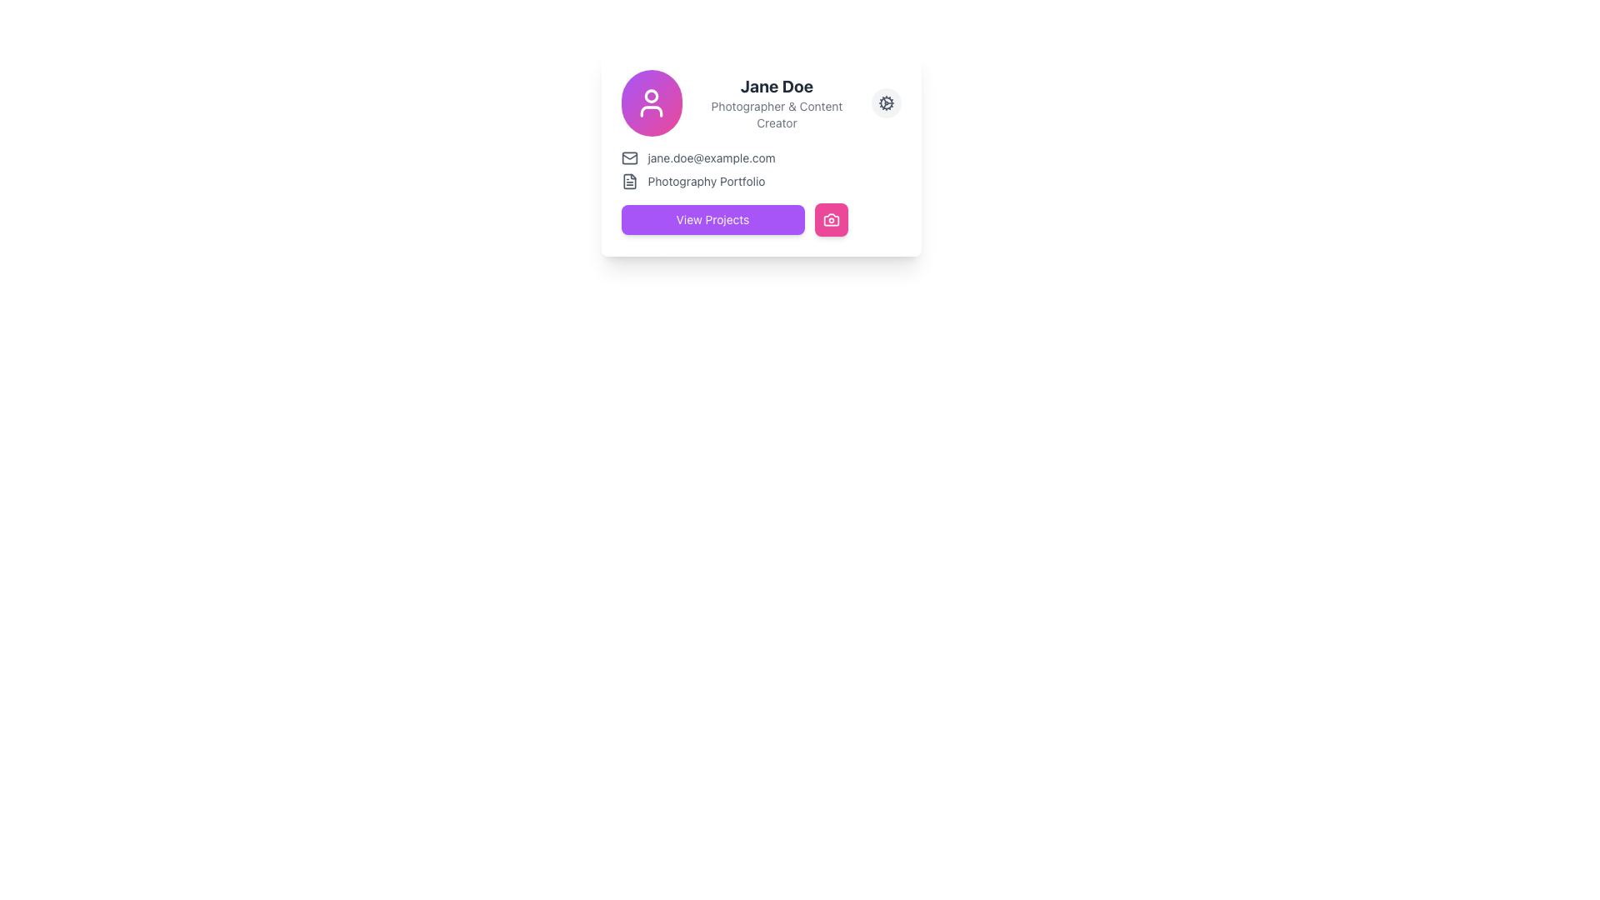  Describe the element at coordinates (760, 157) in the screenshot. I see `the text element displaying 'jane.doe@example.com' with the email icon, which is the first item under the header 'Jane Doe' and directly above 'Photography Portfolio'` at that location.